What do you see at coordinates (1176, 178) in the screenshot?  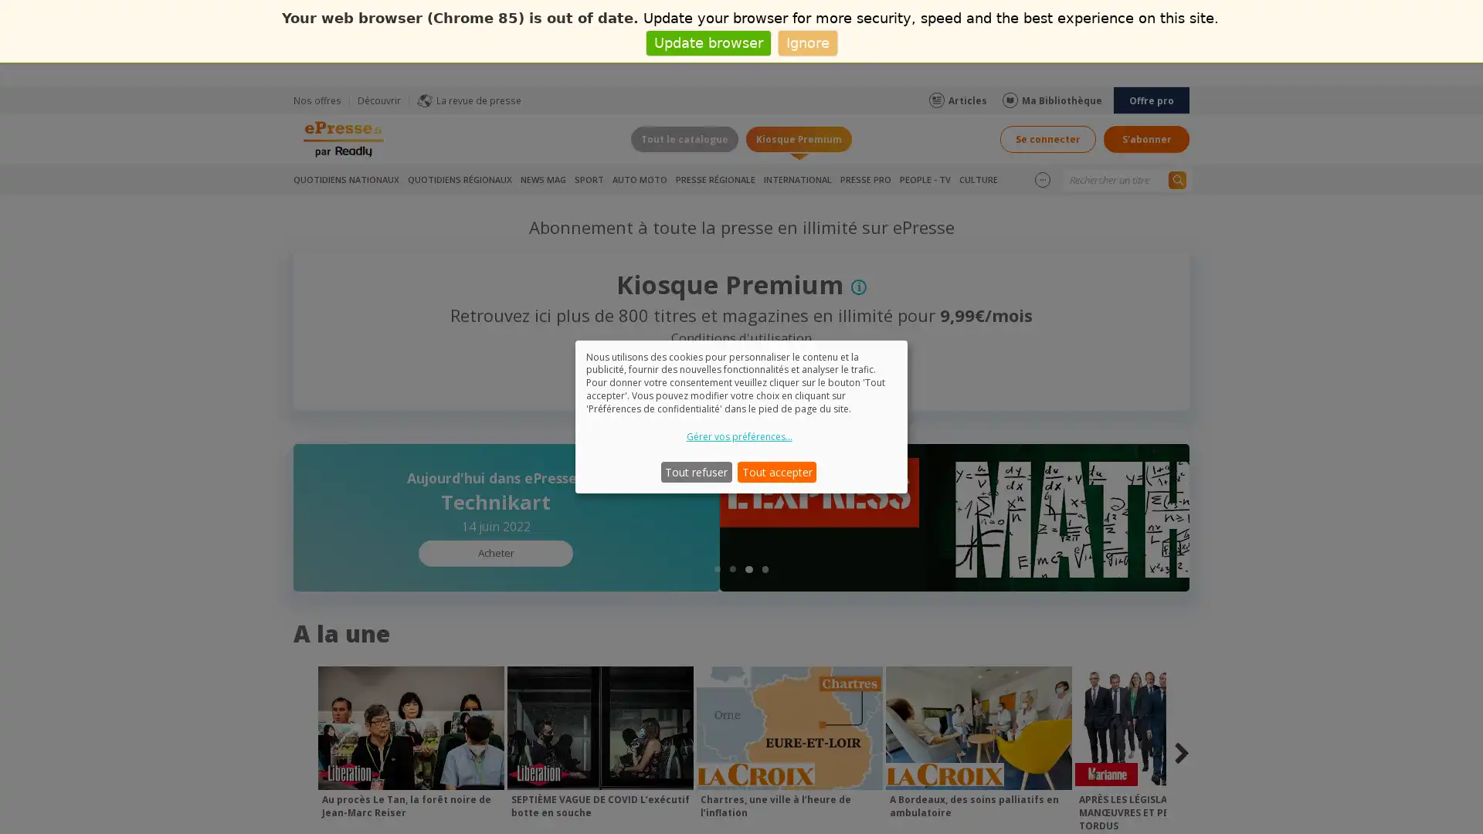 I see `Rechercher` at bounding box center [1176, 178].